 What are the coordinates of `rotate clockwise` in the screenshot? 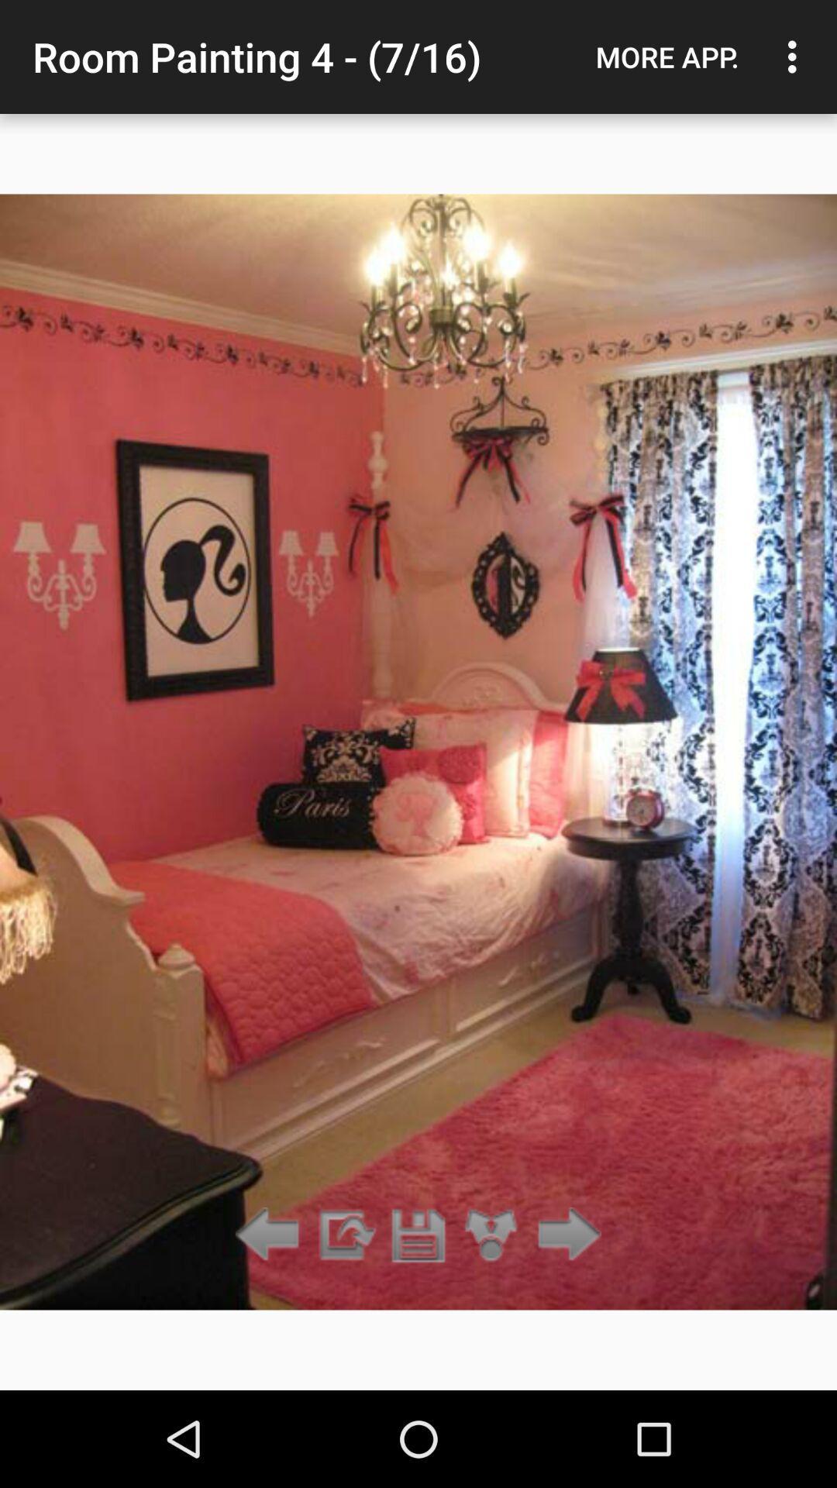 It's located at (344, 1235).